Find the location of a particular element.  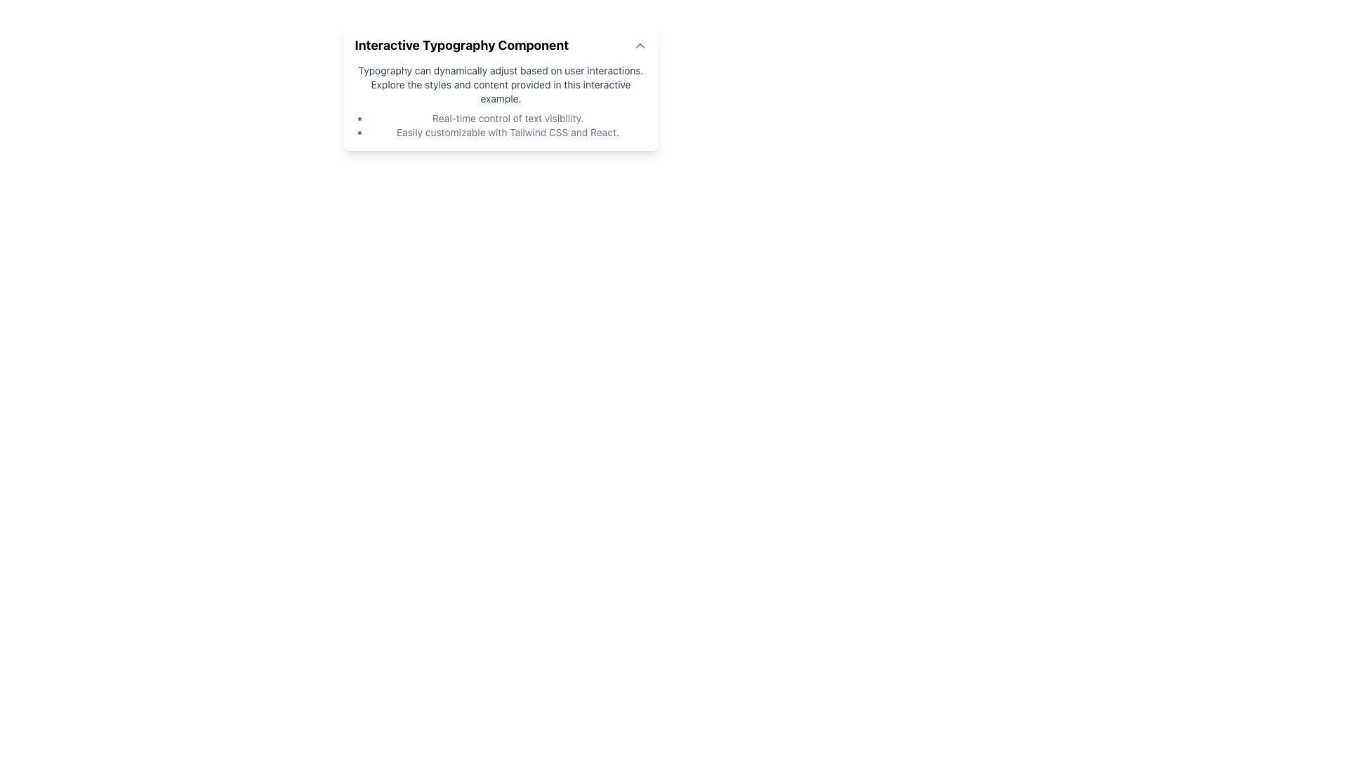

text component displaying 'Real-time control of text visibility.' which is the first item in a bulleted list under the 'Interactive Typography Component' section is located at coordinates (507, 118).